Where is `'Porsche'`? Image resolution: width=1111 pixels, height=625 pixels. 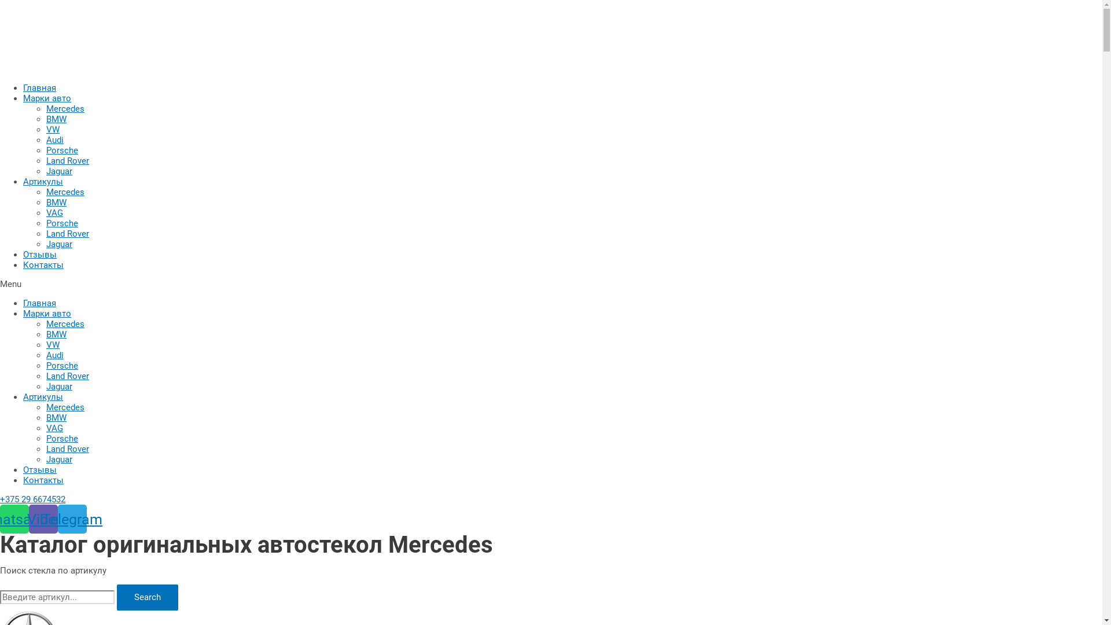
'Porsche' is located at coordinates (61, 366).